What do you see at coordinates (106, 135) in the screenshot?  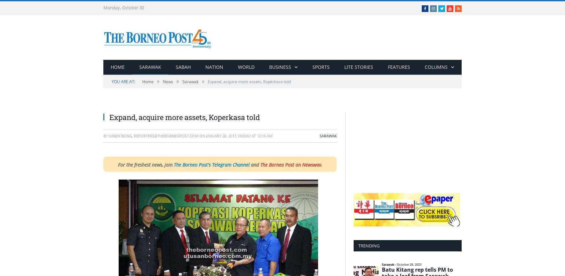 I see `'By'` at bounding box center [106, 135].